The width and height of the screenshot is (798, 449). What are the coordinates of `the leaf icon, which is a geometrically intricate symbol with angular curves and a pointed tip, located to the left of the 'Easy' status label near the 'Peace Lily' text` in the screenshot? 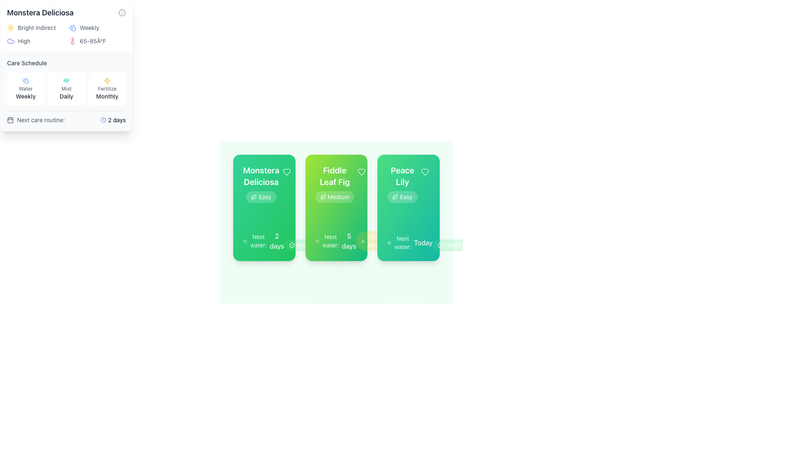 It's located at (395, 197).